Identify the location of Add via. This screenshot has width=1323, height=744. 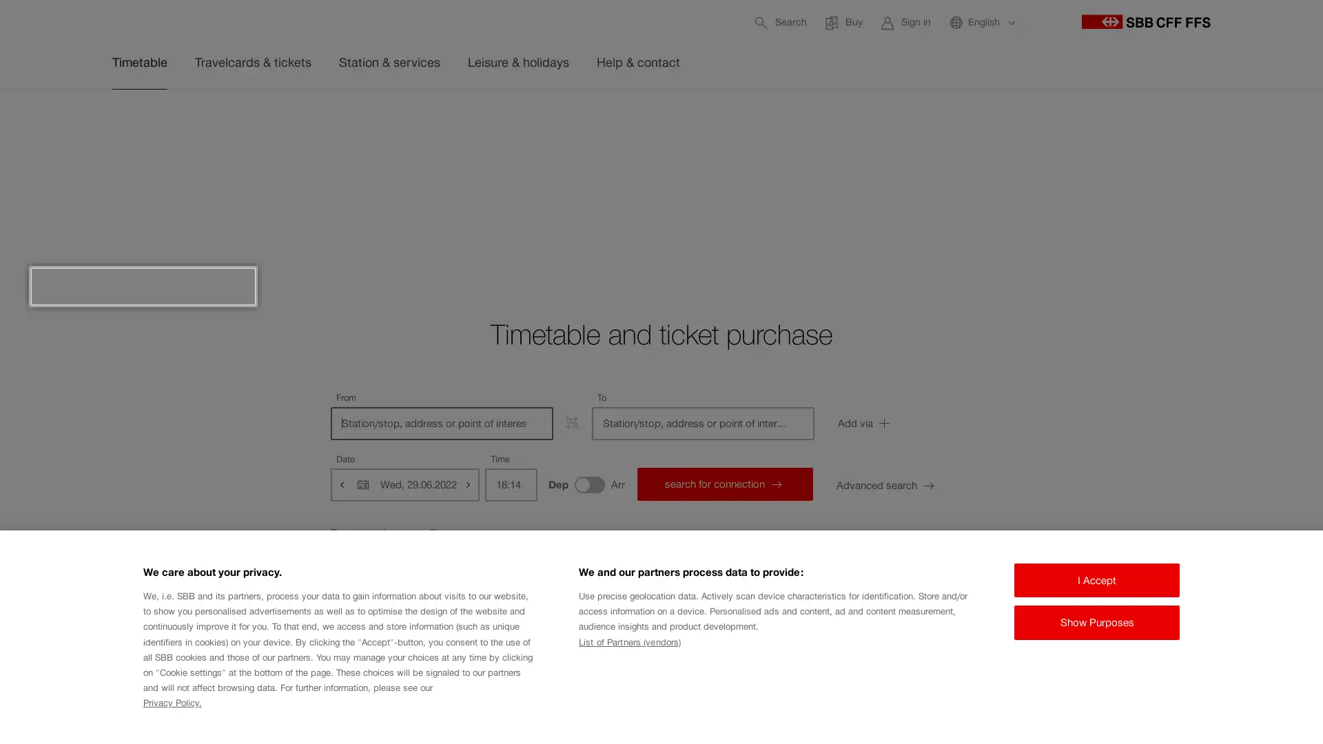
(899, 422).